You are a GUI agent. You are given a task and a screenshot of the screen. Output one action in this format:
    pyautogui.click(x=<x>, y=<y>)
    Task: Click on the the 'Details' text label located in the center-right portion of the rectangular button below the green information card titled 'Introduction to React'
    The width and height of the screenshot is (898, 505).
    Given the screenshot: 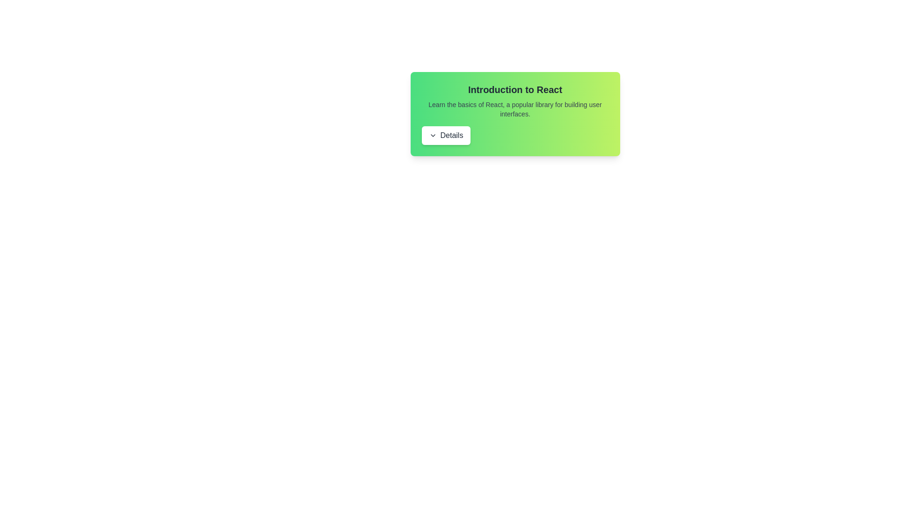 What is the action you would take?
    pyautogui.click(x=451, y=135)
    